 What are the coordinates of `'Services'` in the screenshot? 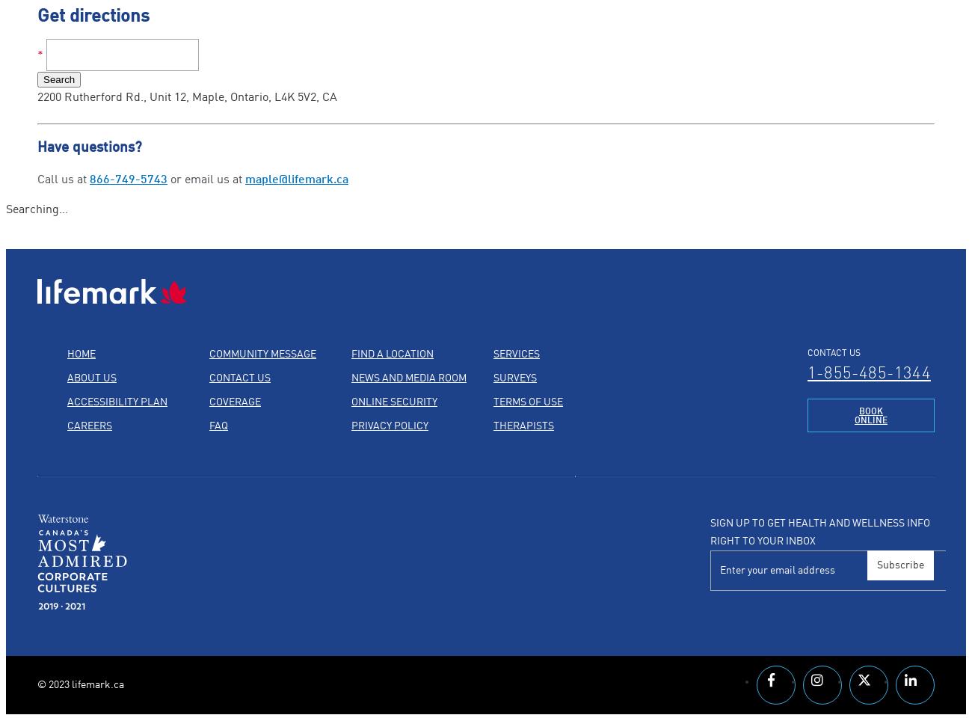 It's located at (515, 353).